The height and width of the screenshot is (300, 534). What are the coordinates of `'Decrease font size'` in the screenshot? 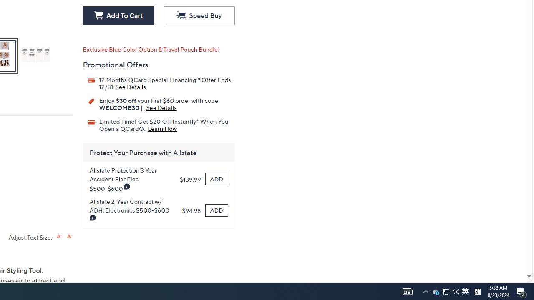 It's located at (70, 236).